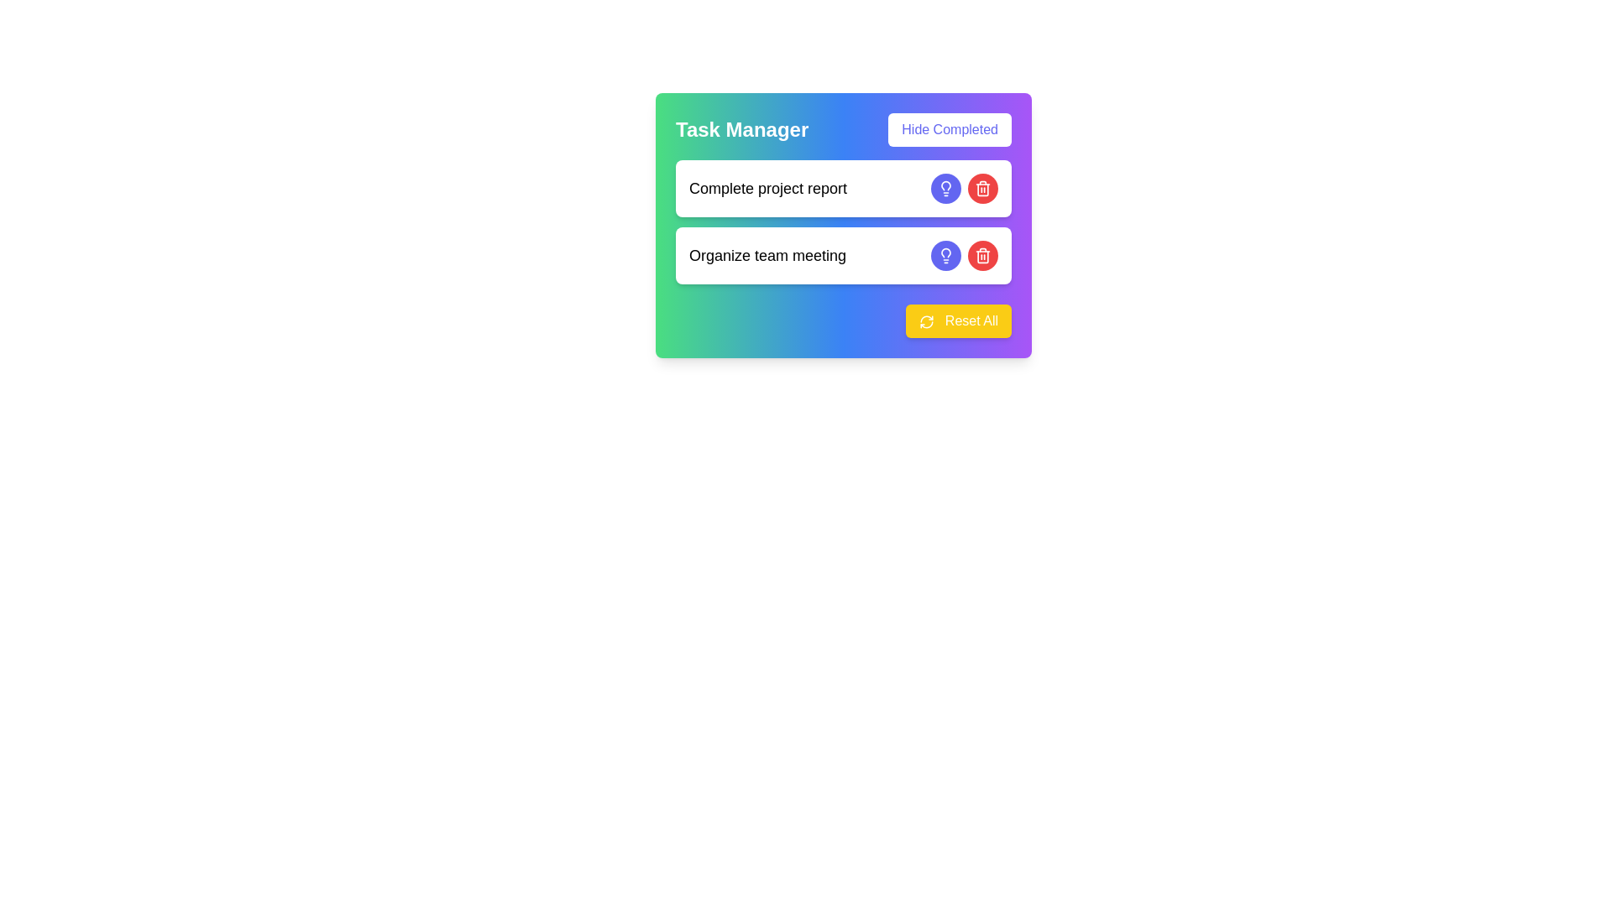 Image resolution: width=1612 pixels, height=906 pixels. What do you see at coordinates (983, 255) in the screenshot?
I see `the delete icon button located as the second button in the action row of the first task item` at bounding box center [983, 255].